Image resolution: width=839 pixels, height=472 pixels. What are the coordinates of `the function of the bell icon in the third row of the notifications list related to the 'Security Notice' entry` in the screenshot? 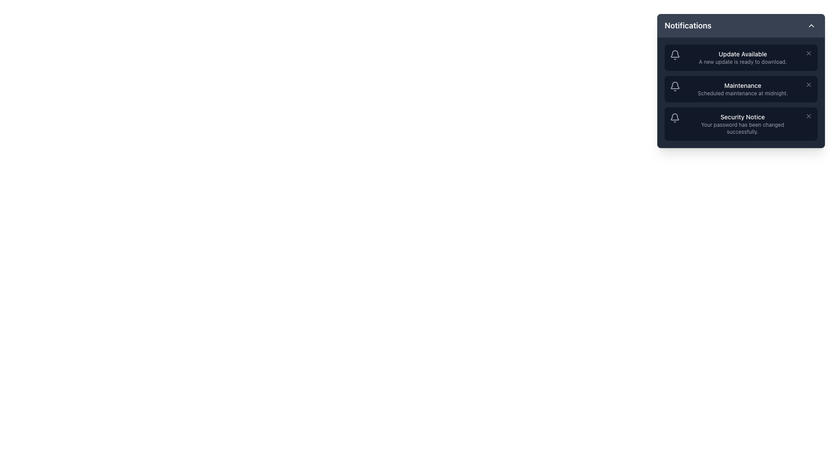 It's located at (674, 116).